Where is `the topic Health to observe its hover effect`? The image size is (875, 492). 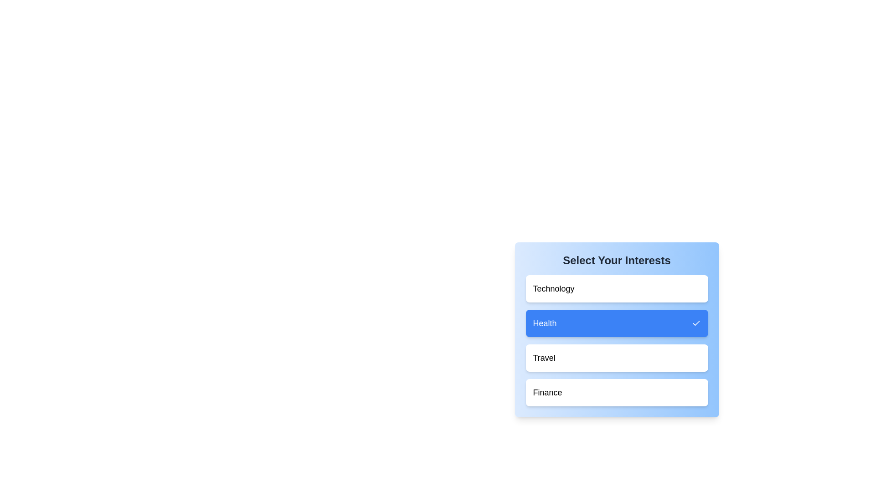
the topic Health to observe its hover effect is located at coordinates (617, 323).